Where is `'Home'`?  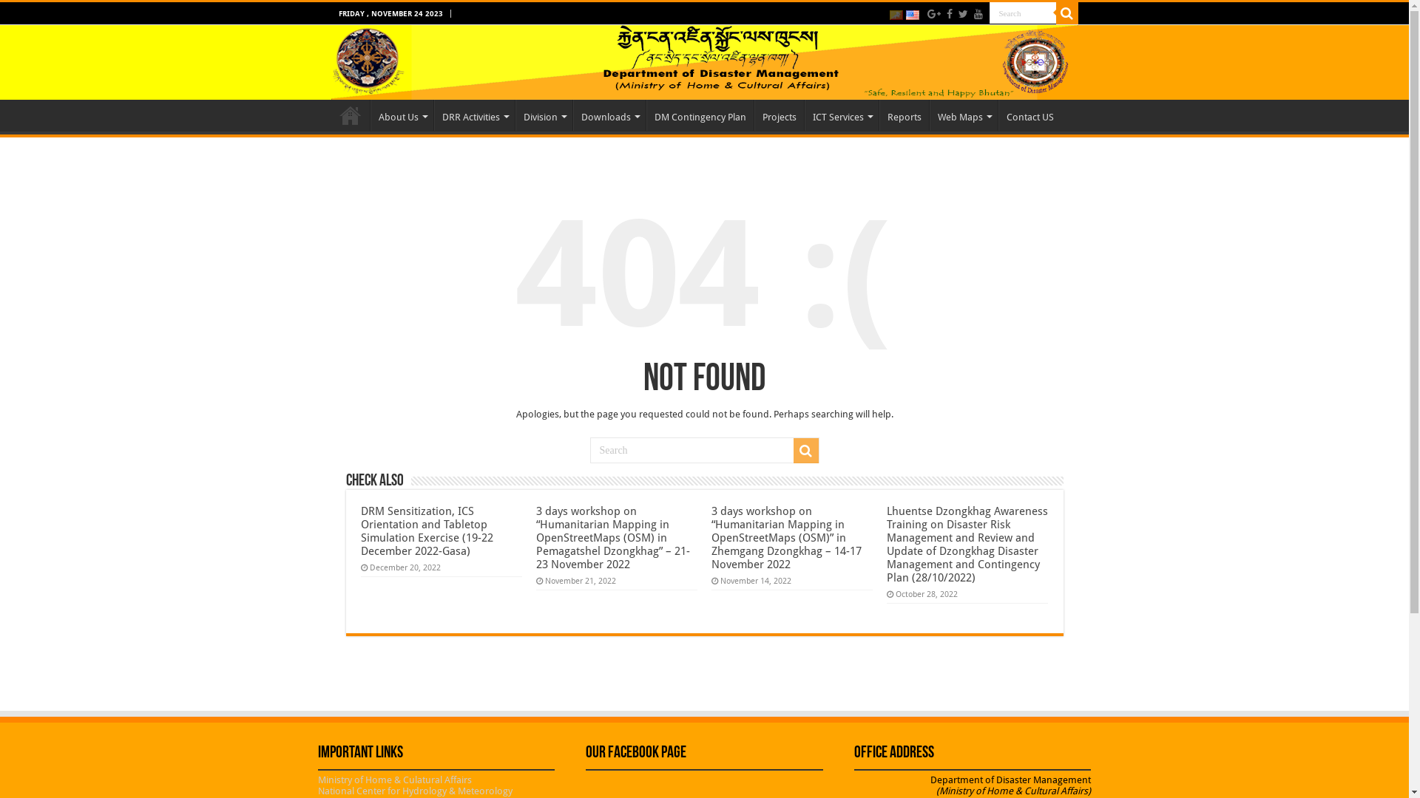
'Home' is located at coordinates (350, 114).